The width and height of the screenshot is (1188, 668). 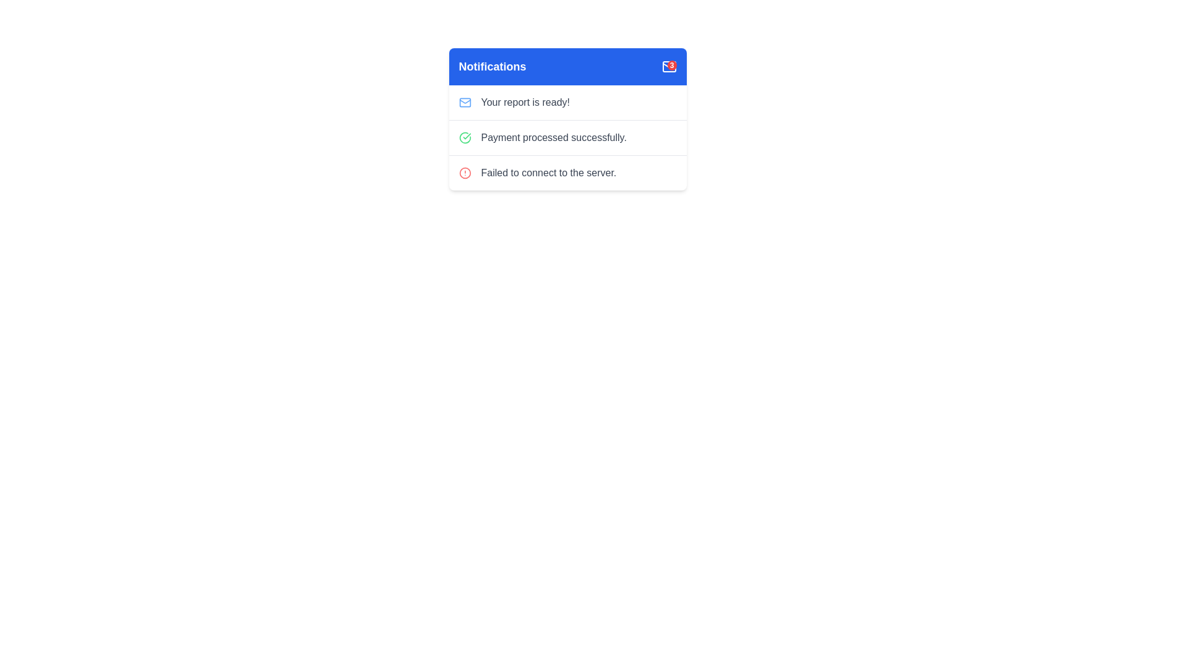 What do you see at coordinates (464, 173) in the screenshot?
I see `the central circle of the alert icon indicating an error state for the 'Failed to connect to the server' message` at bounding box center [464, 173].